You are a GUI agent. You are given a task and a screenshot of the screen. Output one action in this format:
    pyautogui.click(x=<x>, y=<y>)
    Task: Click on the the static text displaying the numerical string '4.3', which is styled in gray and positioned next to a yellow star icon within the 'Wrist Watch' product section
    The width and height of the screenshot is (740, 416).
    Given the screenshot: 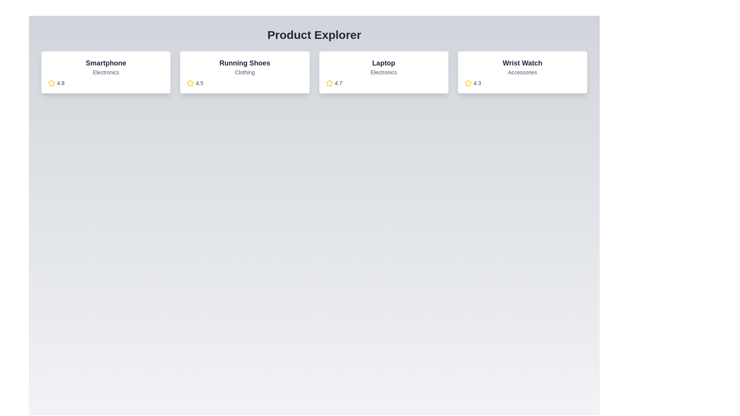 What is the action you would take?
    pyautogui.click(x=477, y=83)
    